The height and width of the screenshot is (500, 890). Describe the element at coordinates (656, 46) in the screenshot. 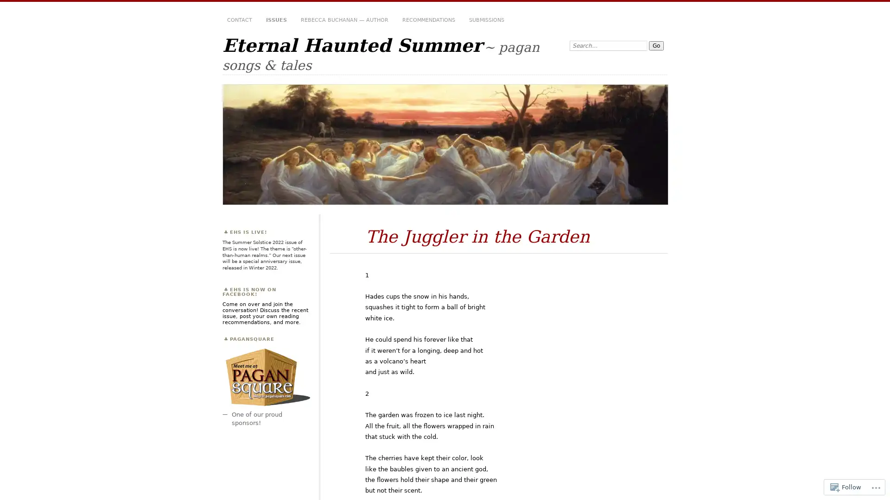

I see `Go` at that location.